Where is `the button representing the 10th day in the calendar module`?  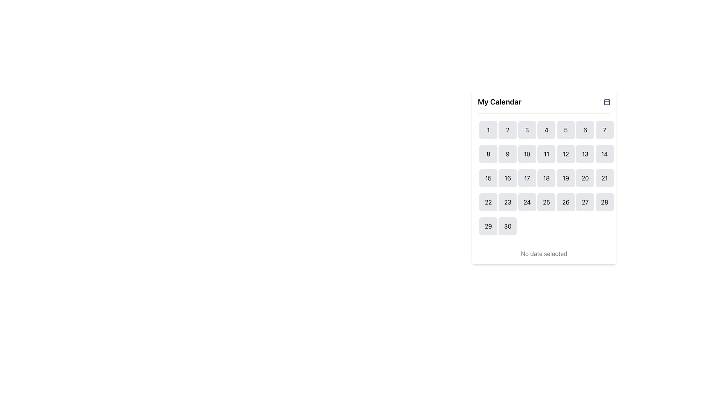 the button representing the 10th day in the calendar module is located at coordinates (526, 153).